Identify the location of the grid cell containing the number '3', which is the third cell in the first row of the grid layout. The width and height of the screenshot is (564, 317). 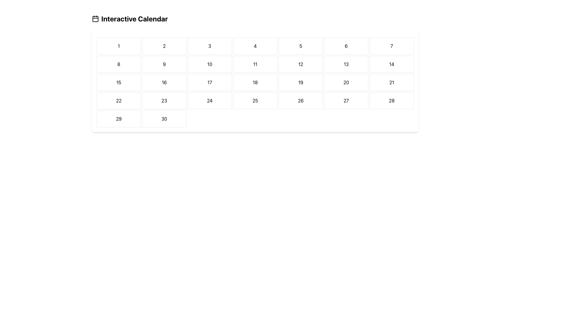
(210, 46).